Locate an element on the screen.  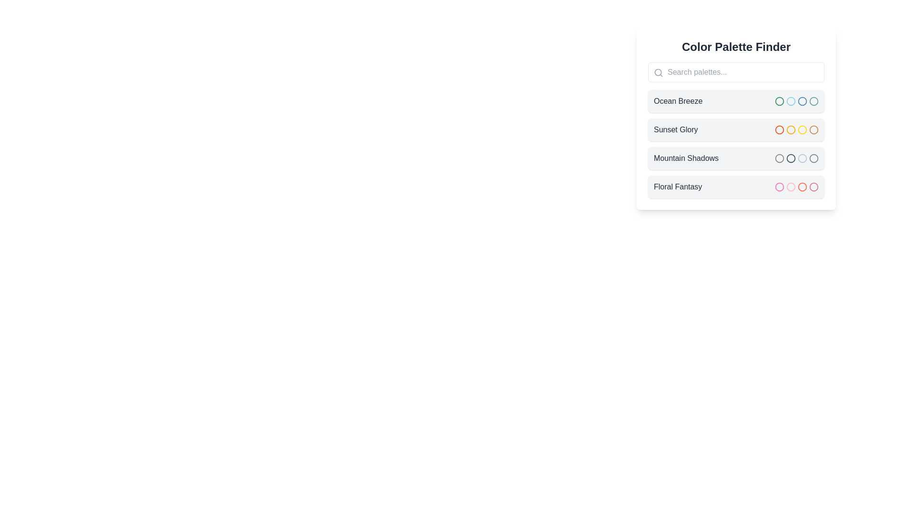
the circular graphic styled as a vector in the 'Mountain Shadows' palette within the color palette finder interface, located in the third item of the list is located at coordinates (780, 158).